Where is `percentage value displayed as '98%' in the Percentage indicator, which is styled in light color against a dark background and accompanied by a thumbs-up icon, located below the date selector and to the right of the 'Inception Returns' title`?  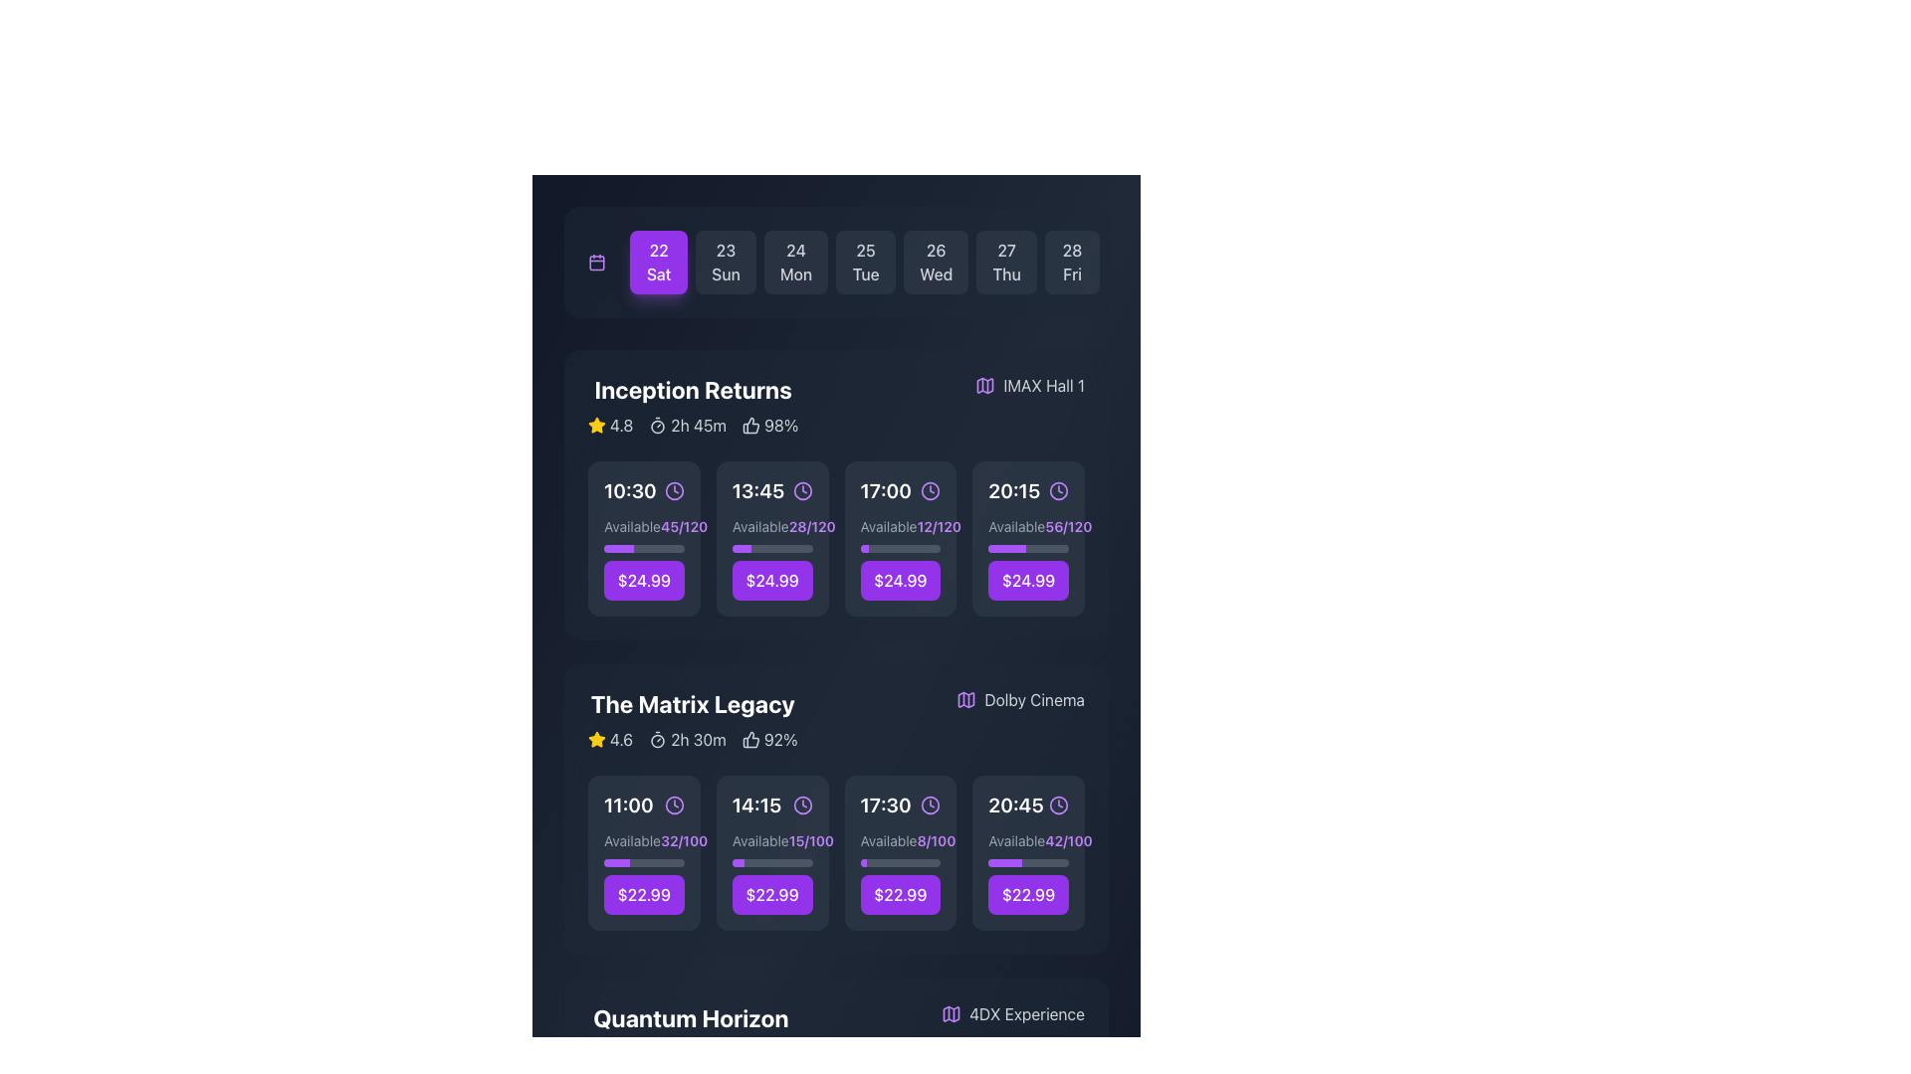 percentage value displayed as '98%' in the Percentage indicator, which is styled in light color against a dark background and accompanied by a thumbs-up icon, located below the date selector and to the right of the 'Inception Returns' title is located at coordinates (769, 425).